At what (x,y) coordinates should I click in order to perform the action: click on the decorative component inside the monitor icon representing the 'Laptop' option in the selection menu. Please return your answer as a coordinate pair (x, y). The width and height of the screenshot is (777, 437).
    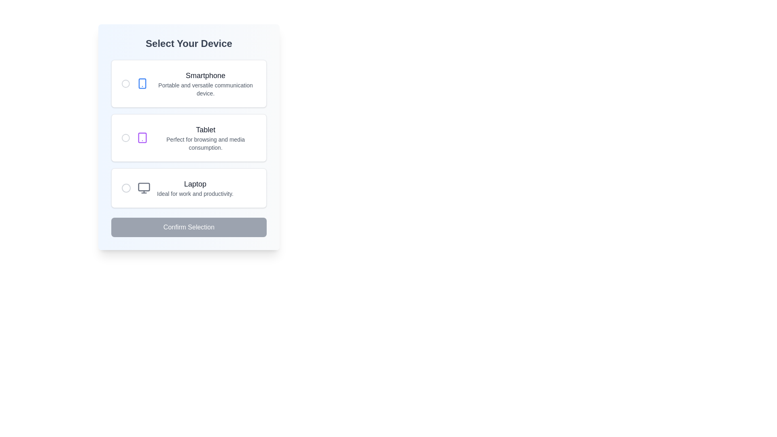
    Looking at the image, I should click on (144, 187).